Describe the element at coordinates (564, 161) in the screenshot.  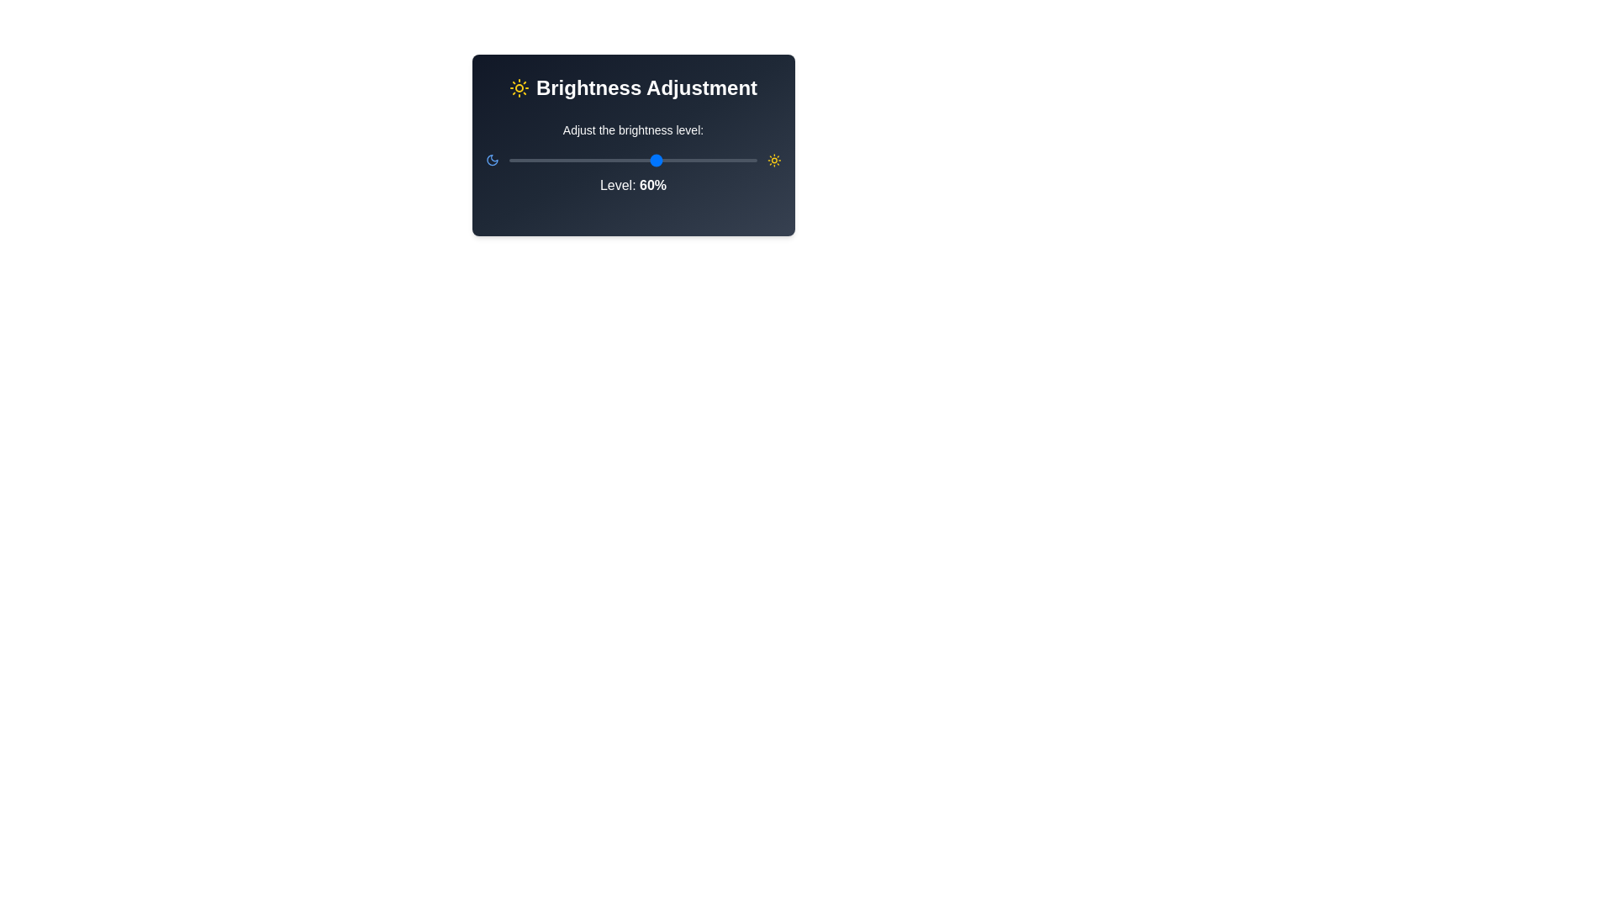
I see `the brightness level` at that location.